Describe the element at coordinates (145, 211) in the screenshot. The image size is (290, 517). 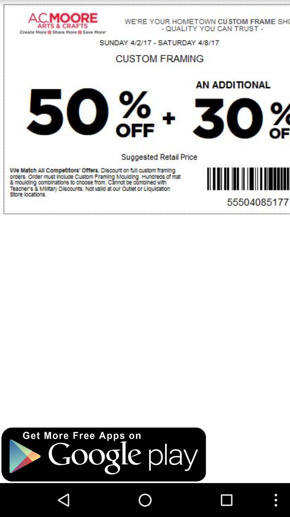
I see `total page` at that location.